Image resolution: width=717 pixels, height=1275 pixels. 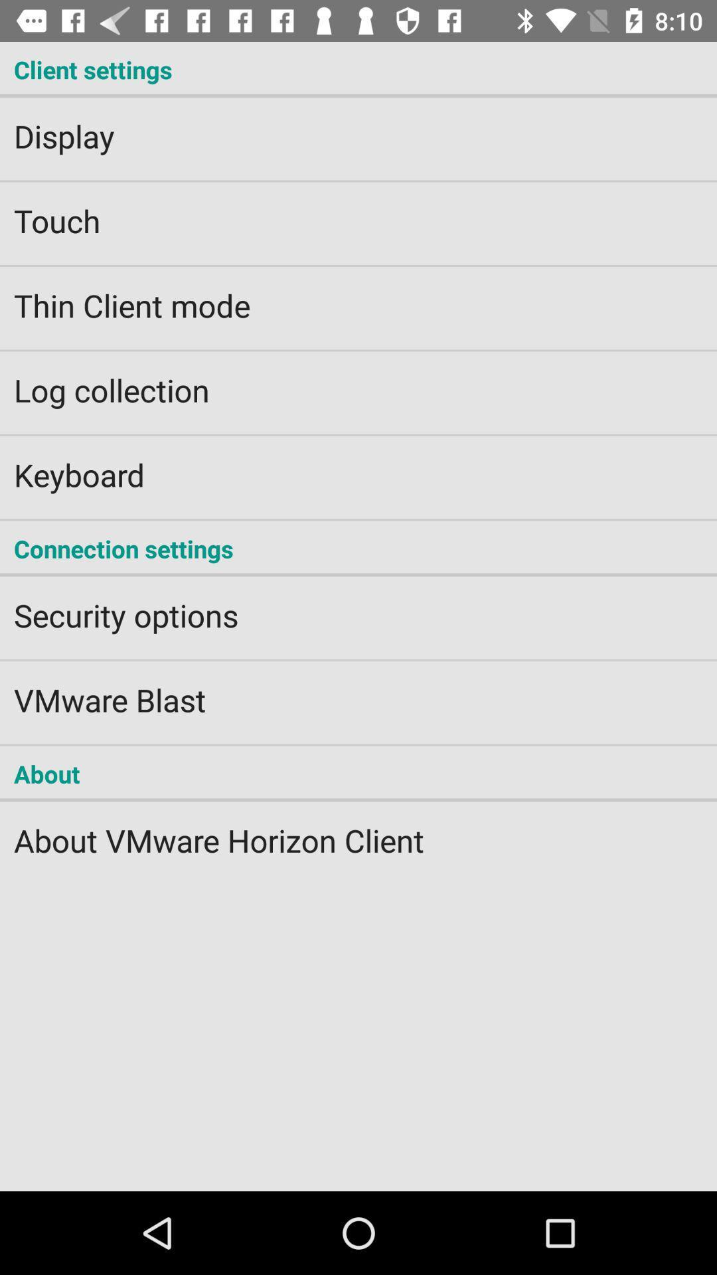 What do you see at coordinates (358, 127) in the screenshot?
I see `icon below the client settings item` at bounding box center [358, 127].